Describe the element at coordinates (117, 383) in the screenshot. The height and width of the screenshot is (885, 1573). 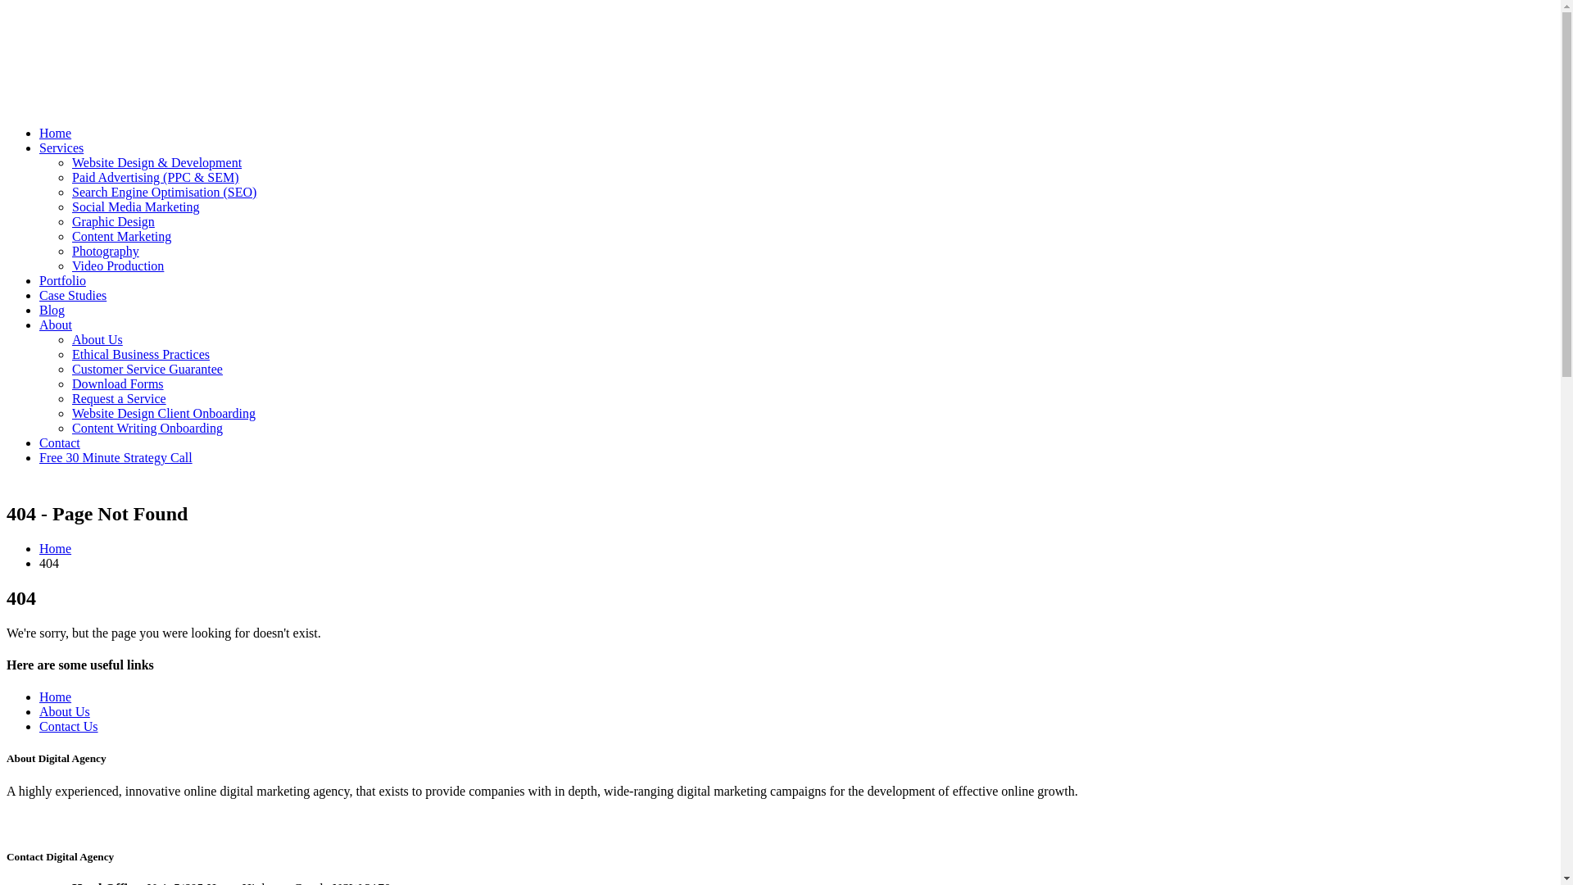
I see `'Download Forms'` at that location.